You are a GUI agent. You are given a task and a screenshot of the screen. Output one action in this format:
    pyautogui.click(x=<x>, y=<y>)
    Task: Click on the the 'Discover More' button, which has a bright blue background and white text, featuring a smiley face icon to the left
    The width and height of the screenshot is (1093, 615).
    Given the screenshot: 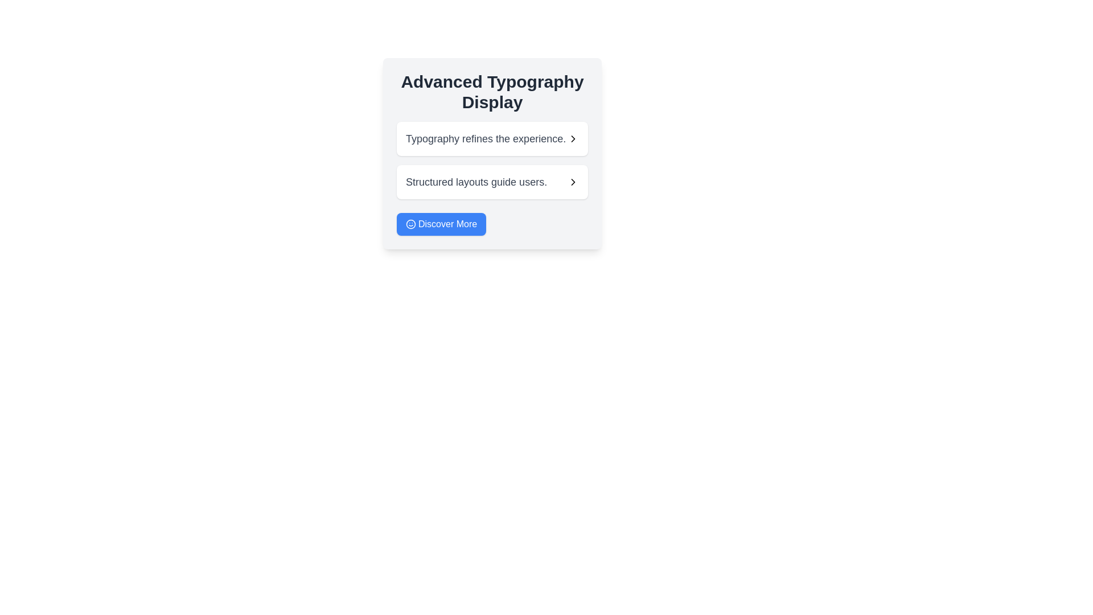 What is the action you would take?
    pyautogui.click(x=441, y=224)
    